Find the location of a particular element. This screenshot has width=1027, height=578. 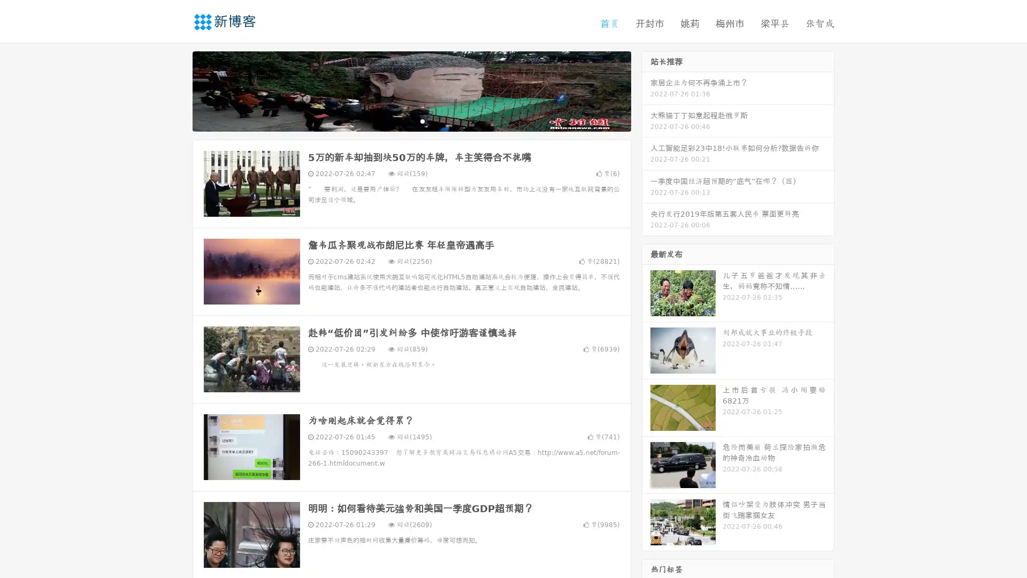

Previous slide is located at coordinates (177, 90).